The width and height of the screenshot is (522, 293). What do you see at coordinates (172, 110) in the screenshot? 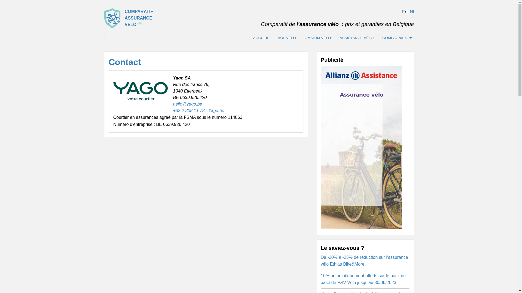
I see `'+32 2 808 11 78'` at bounding box center [172, 110].